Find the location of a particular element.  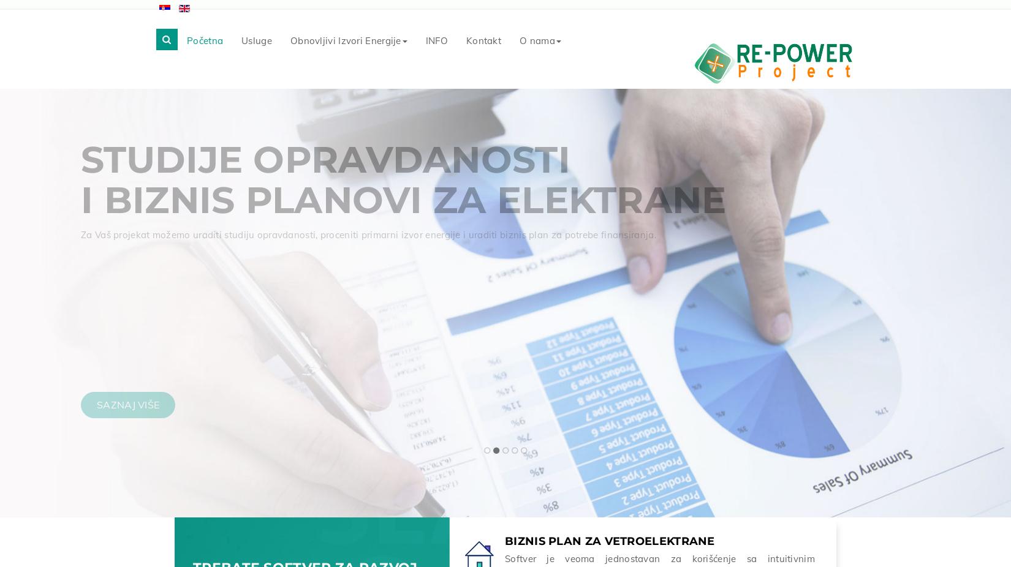

'i prepoznati sva ograničenja u tački priključenja.' is located at coordinates (187, 329).